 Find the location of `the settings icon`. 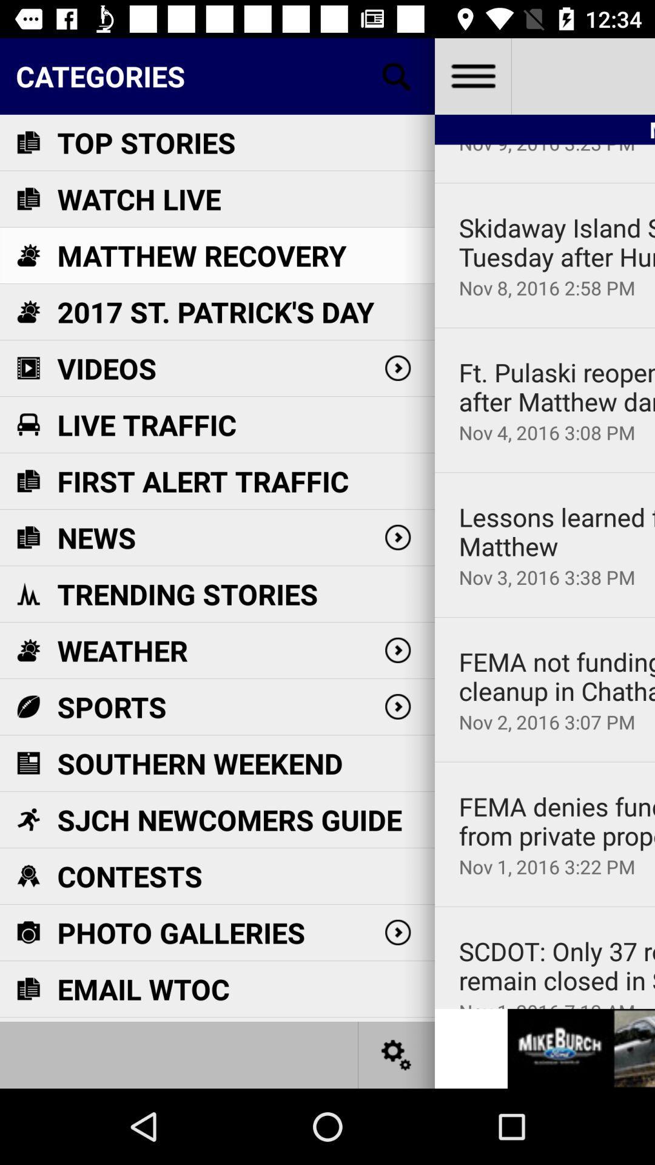

the settings icon is located at coordinates (397, 1054).